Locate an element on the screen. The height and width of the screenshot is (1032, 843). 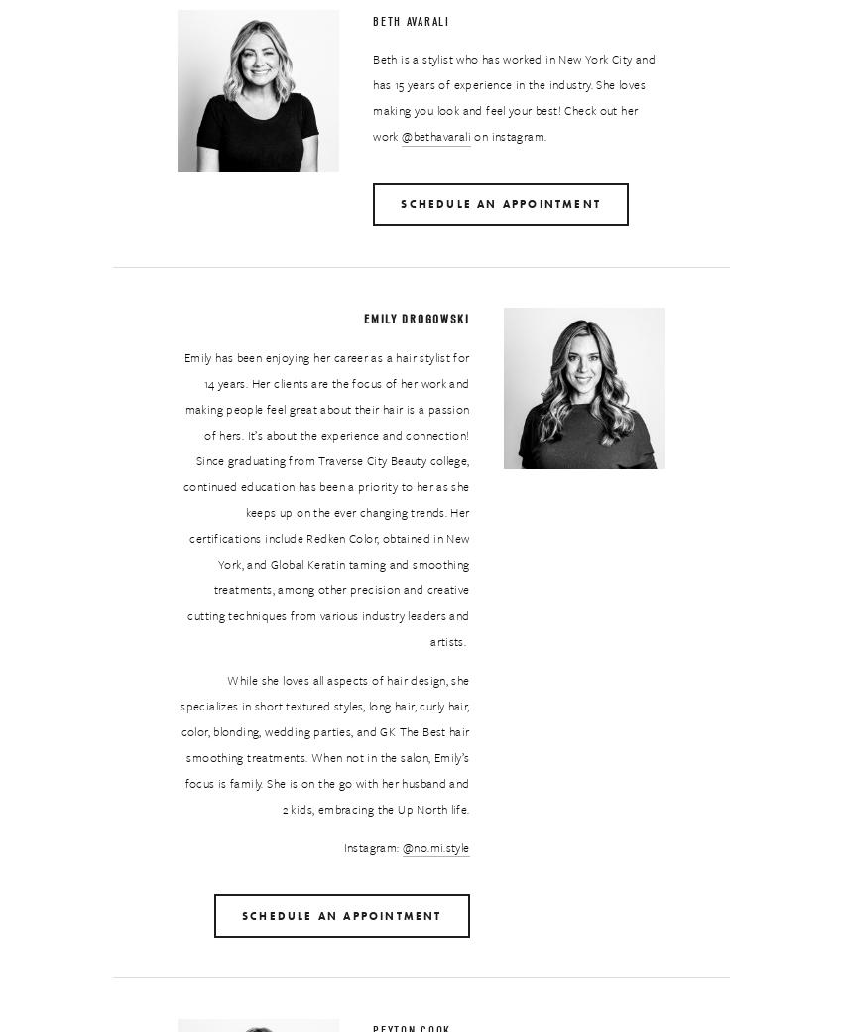
'Beth Avarali' is located at coordinates (411, 19).